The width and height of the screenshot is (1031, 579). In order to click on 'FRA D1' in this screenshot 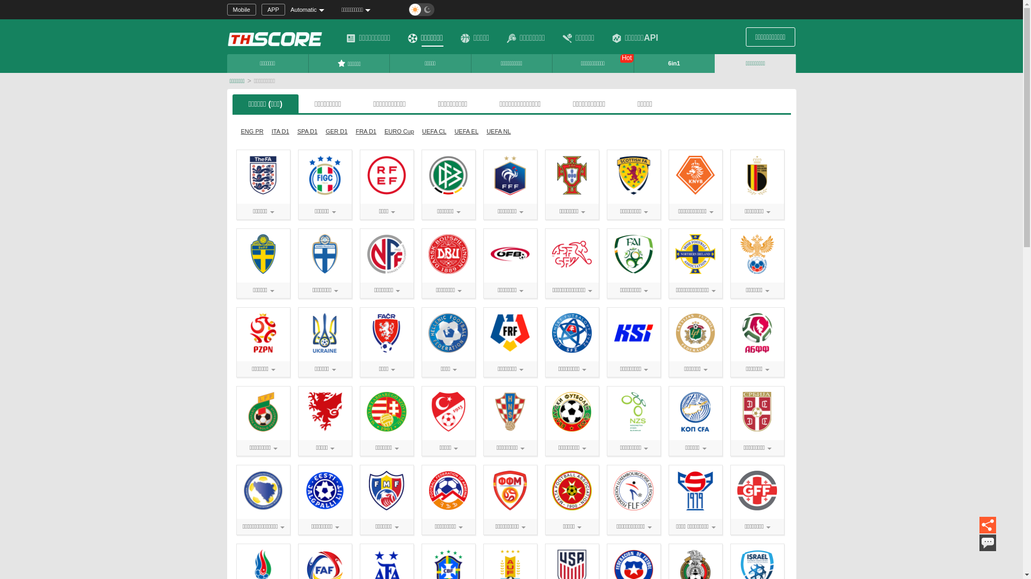, I will do `click(366, 131)`.